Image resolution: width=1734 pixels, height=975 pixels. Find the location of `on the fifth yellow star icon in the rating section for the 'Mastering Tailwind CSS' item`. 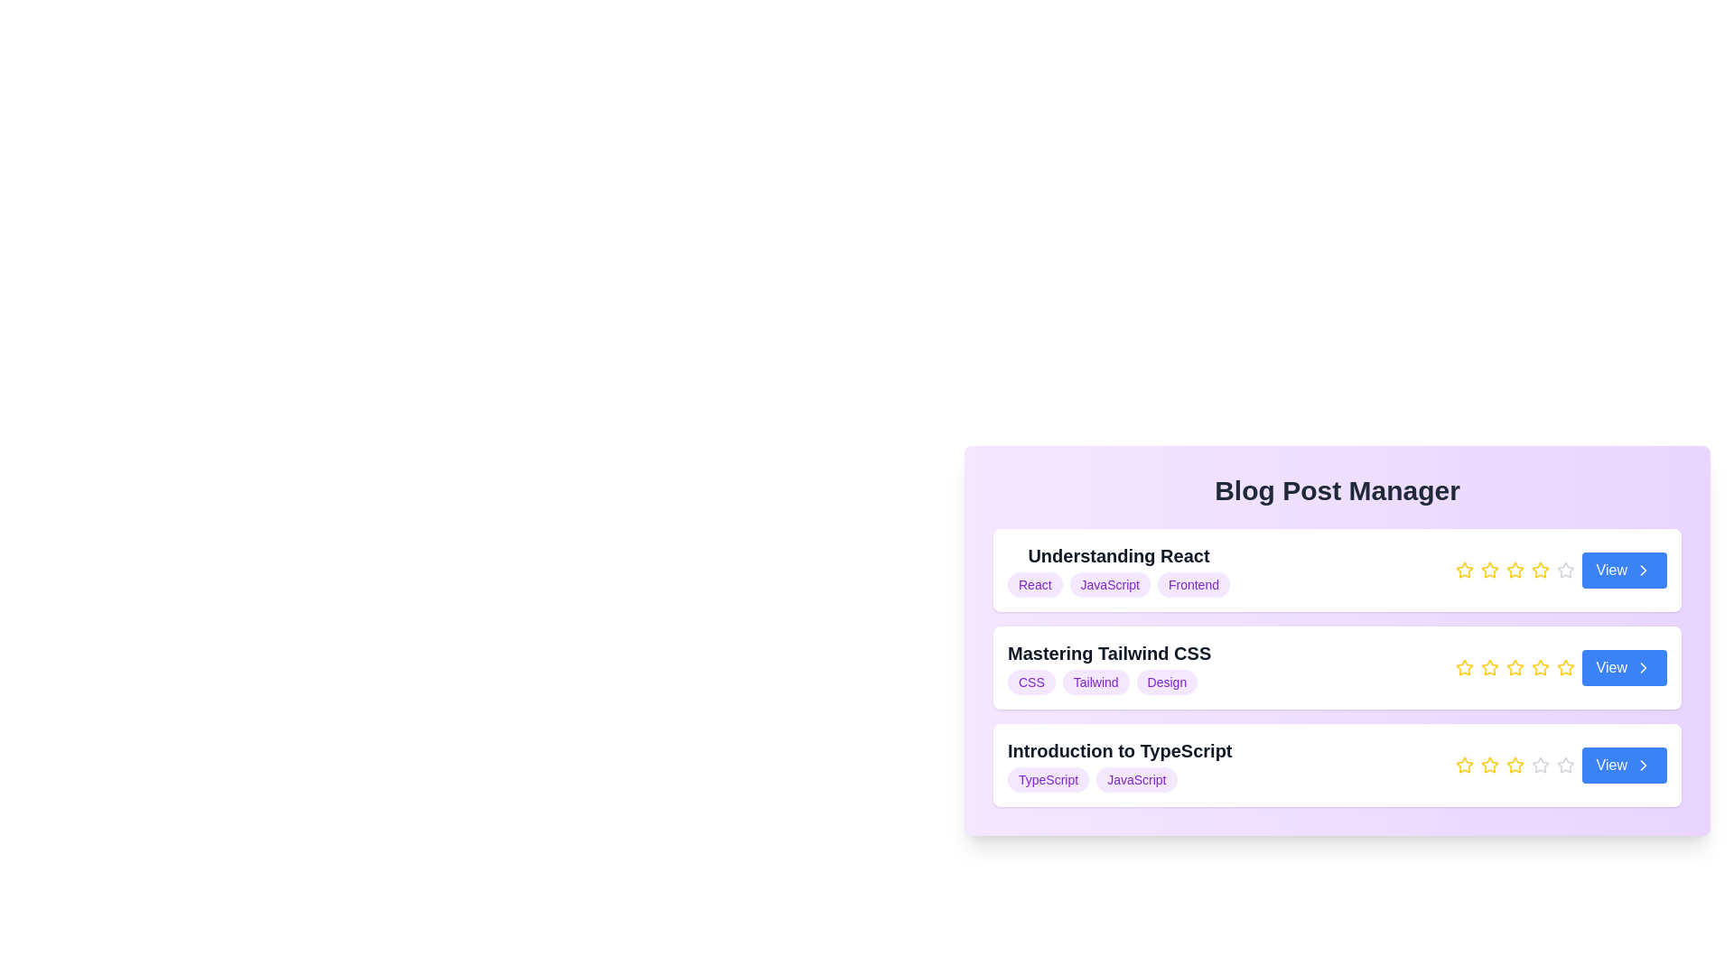

on the fifth yellow star icon in the rating section for the 'Mastering Tailwind CSS' item is located at coordinates (1564, 668).